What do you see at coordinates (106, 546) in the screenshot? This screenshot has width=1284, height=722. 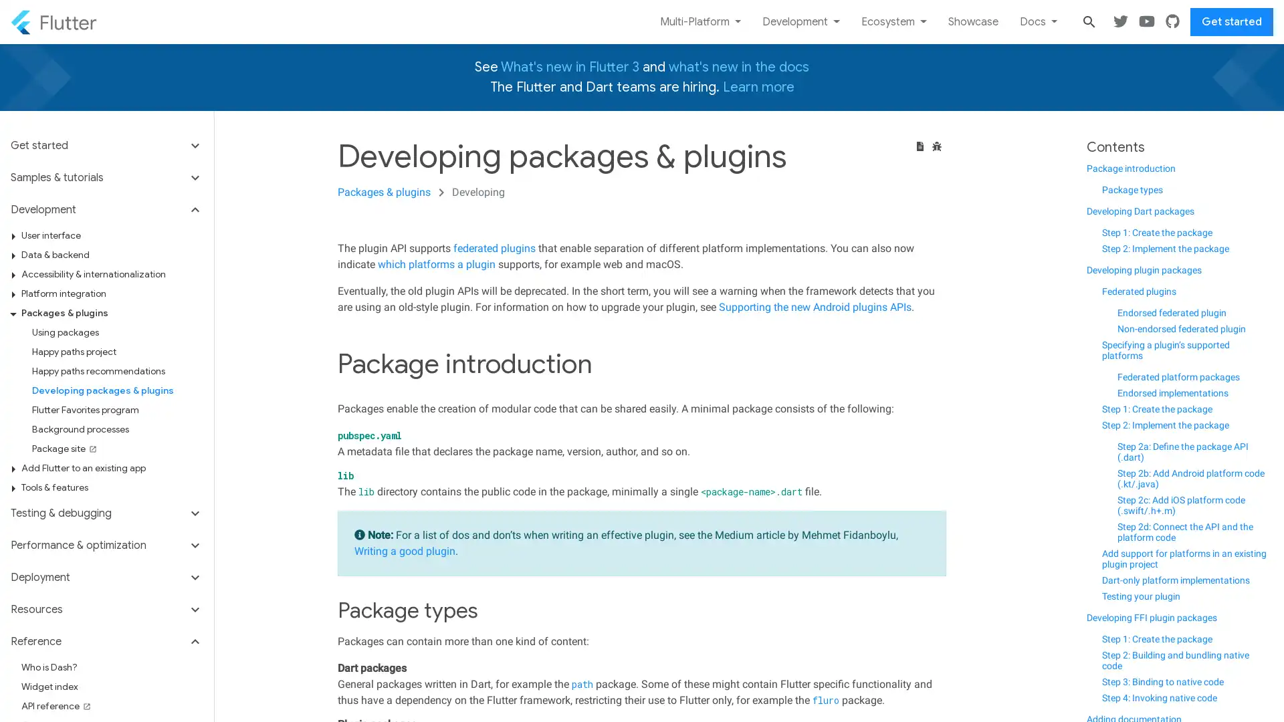 I see `Performance & optimization keyboard_arrow_down` at bounding box center [106, 546].